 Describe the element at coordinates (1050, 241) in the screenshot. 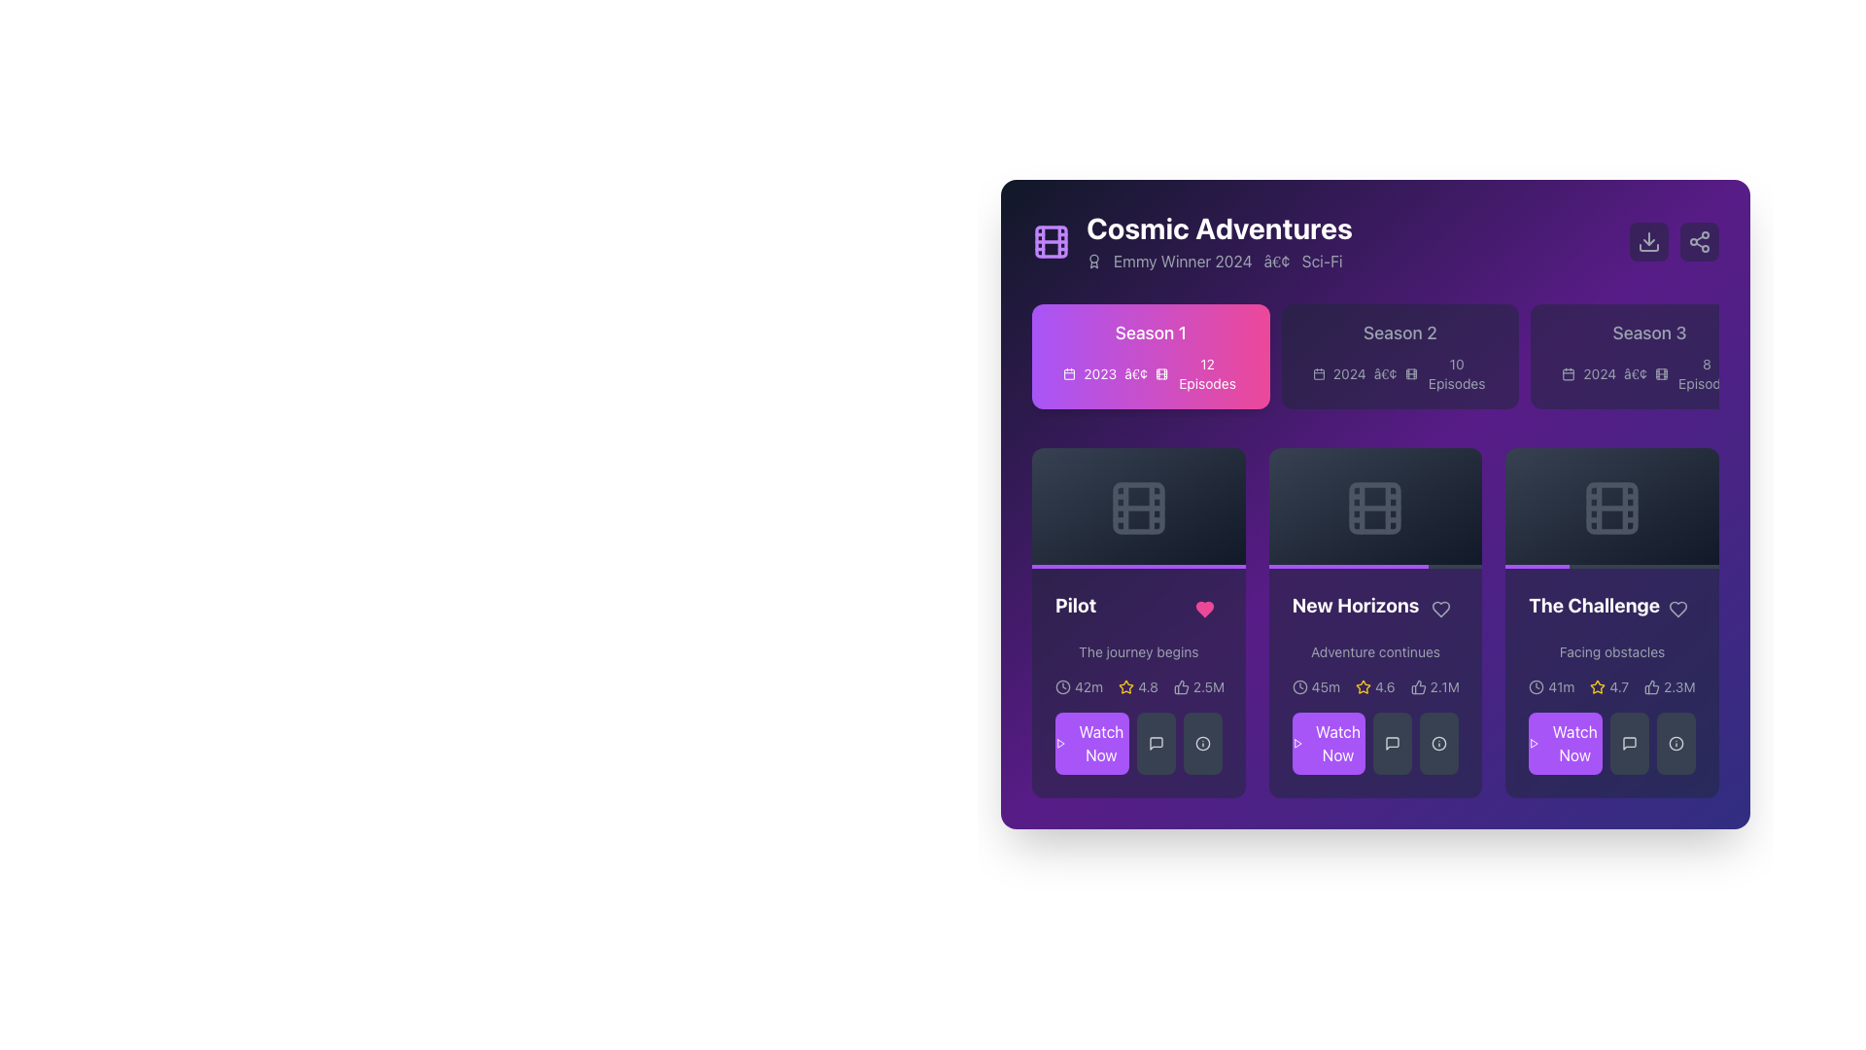

I see `the graphical icon component, which is a square with a dark background and rounded corners, located within a purple film strip icon in the top left corner of the interface` at that location.